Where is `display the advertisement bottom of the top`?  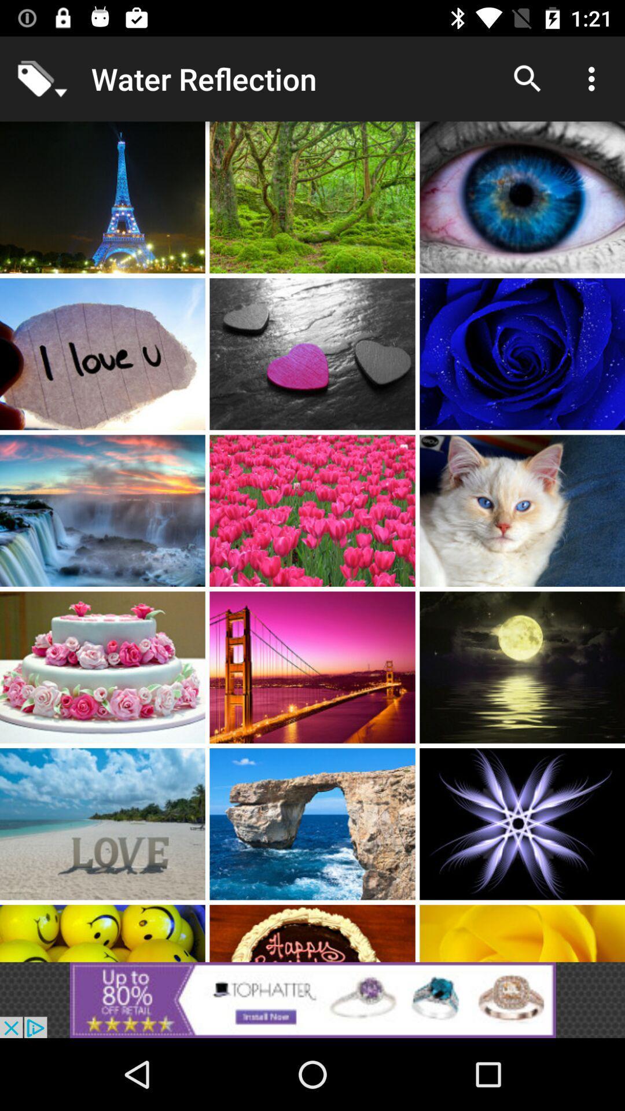
display the advertisement bottom of the top is located at coordinates (312, 999).